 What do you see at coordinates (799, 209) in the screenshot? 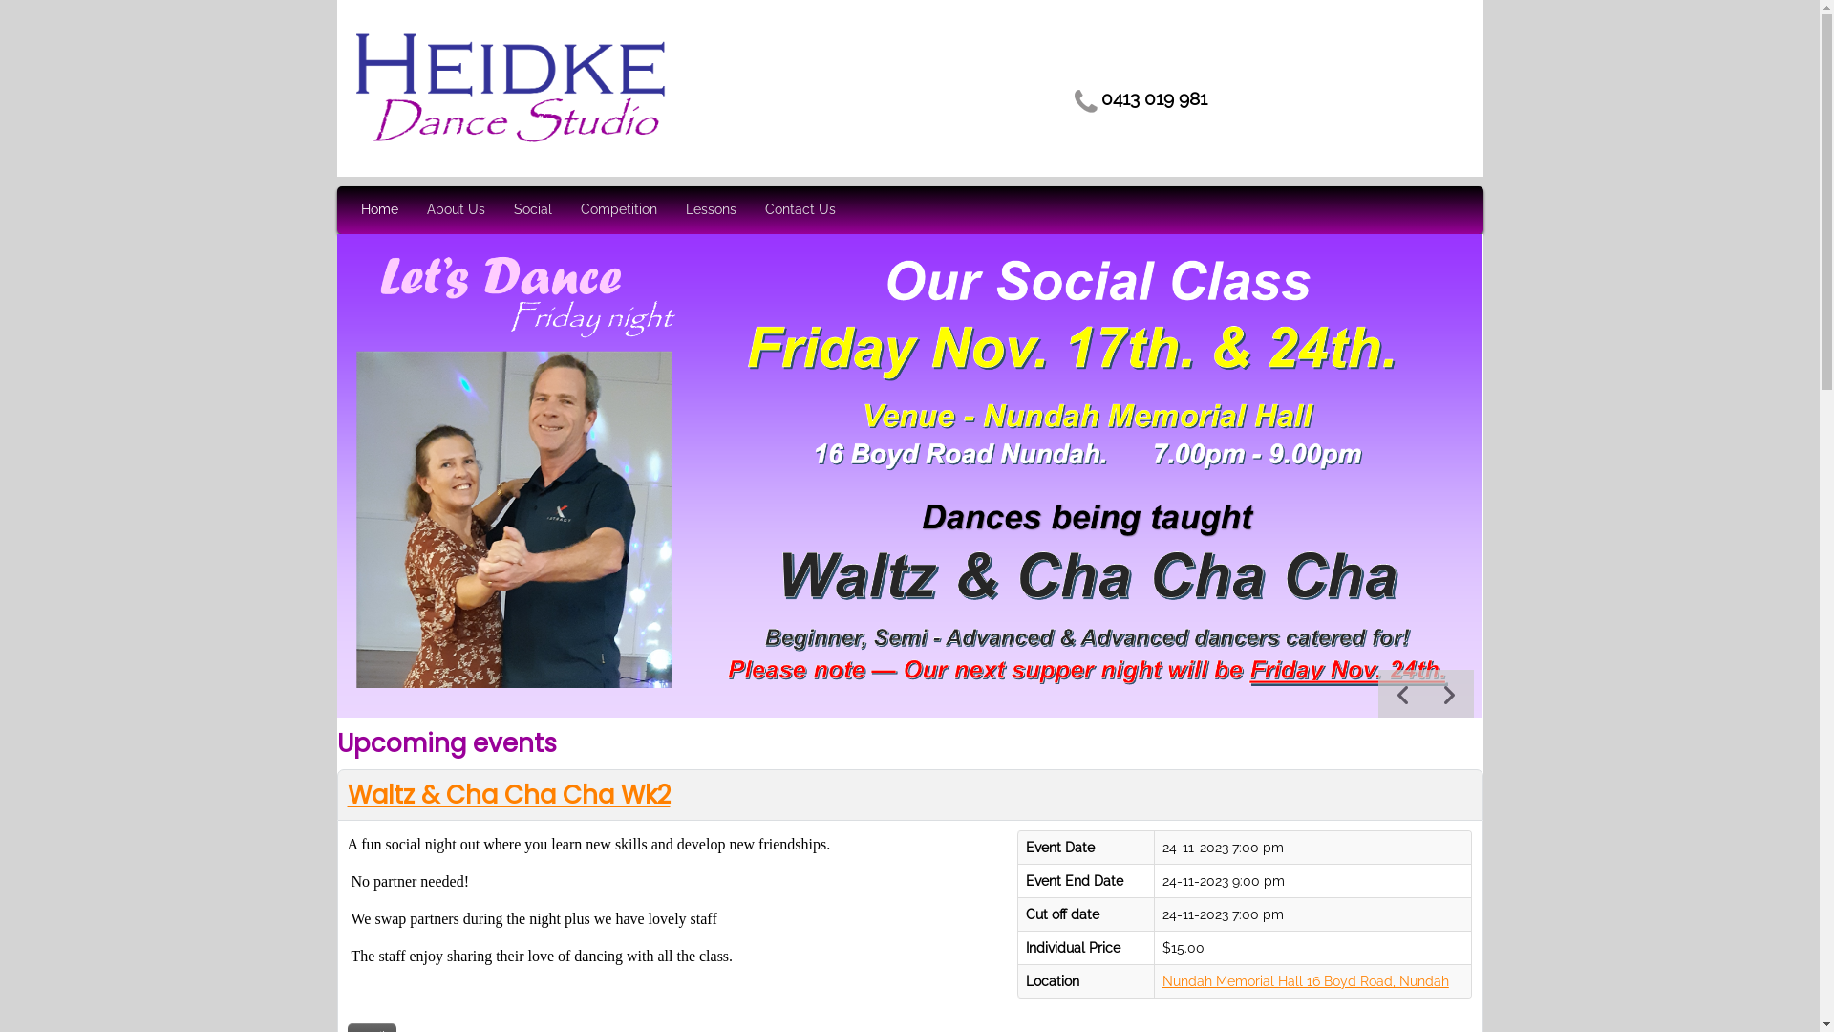
I see `'Contact Us'` at bounding box center [799, 209].